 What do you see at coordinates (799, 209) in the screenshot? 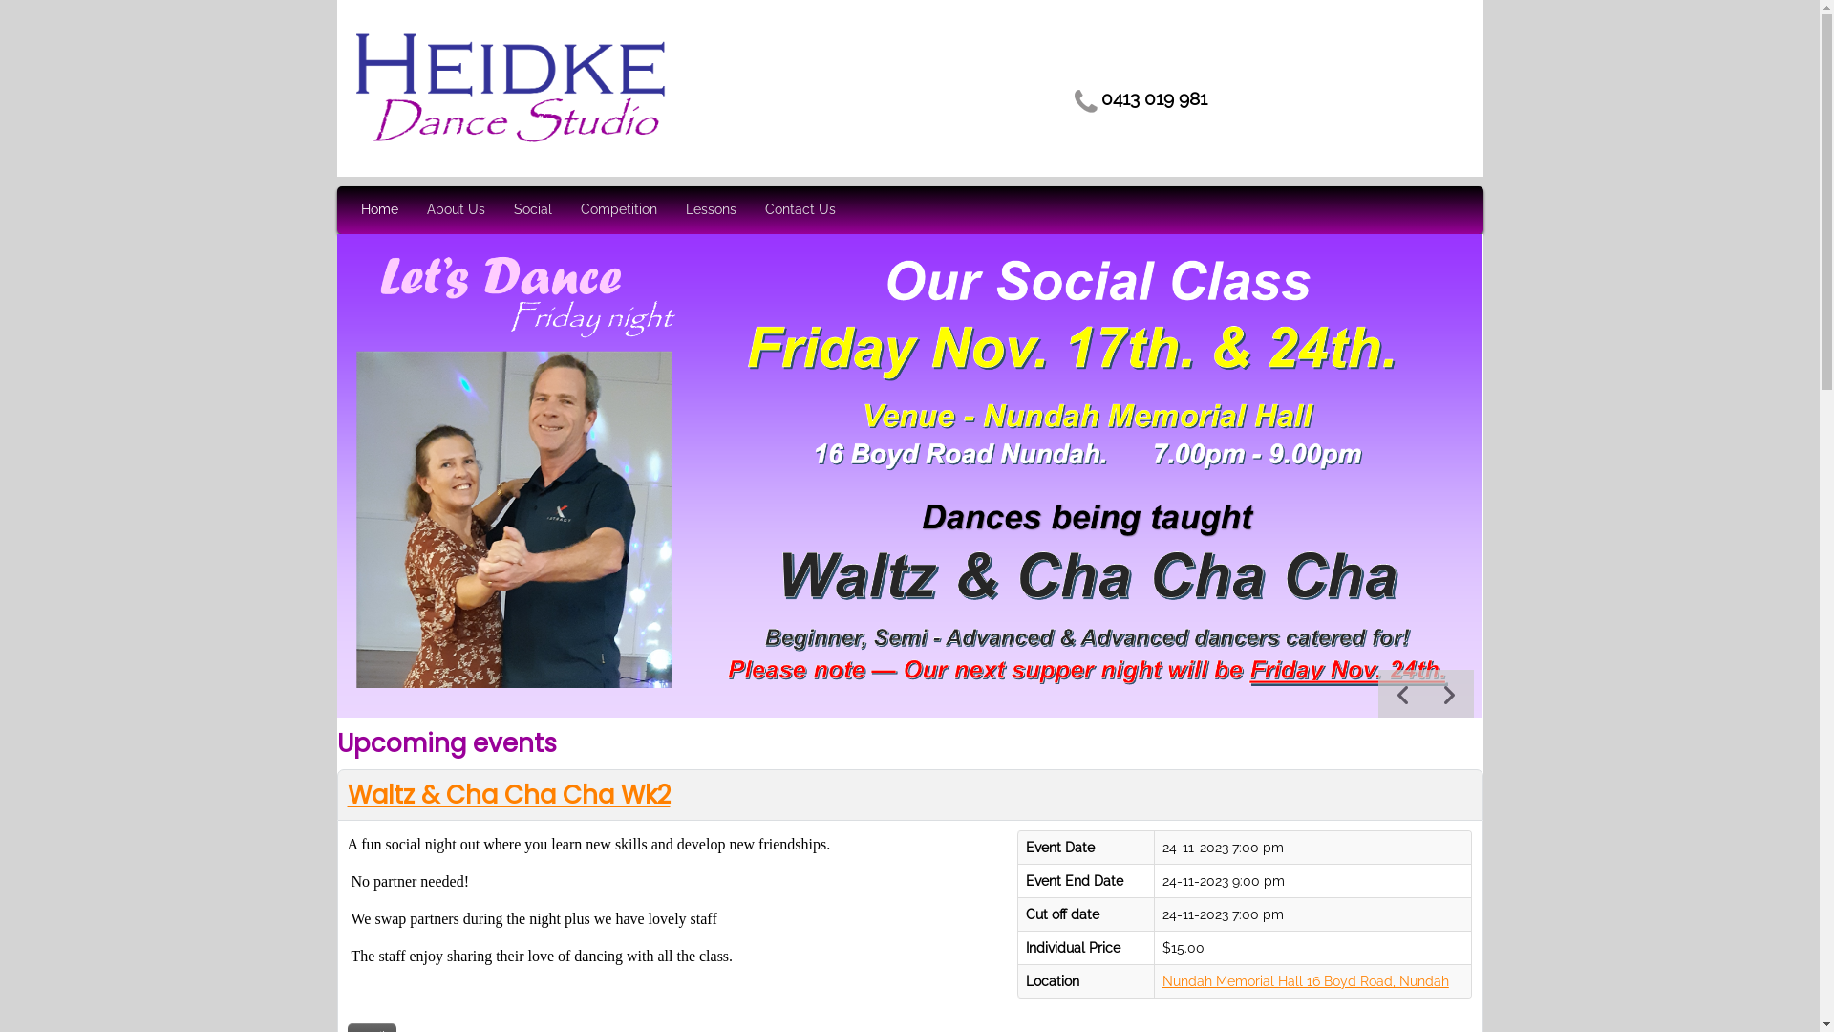
I see `'Contact Us'` at bounding box center [799, 209].